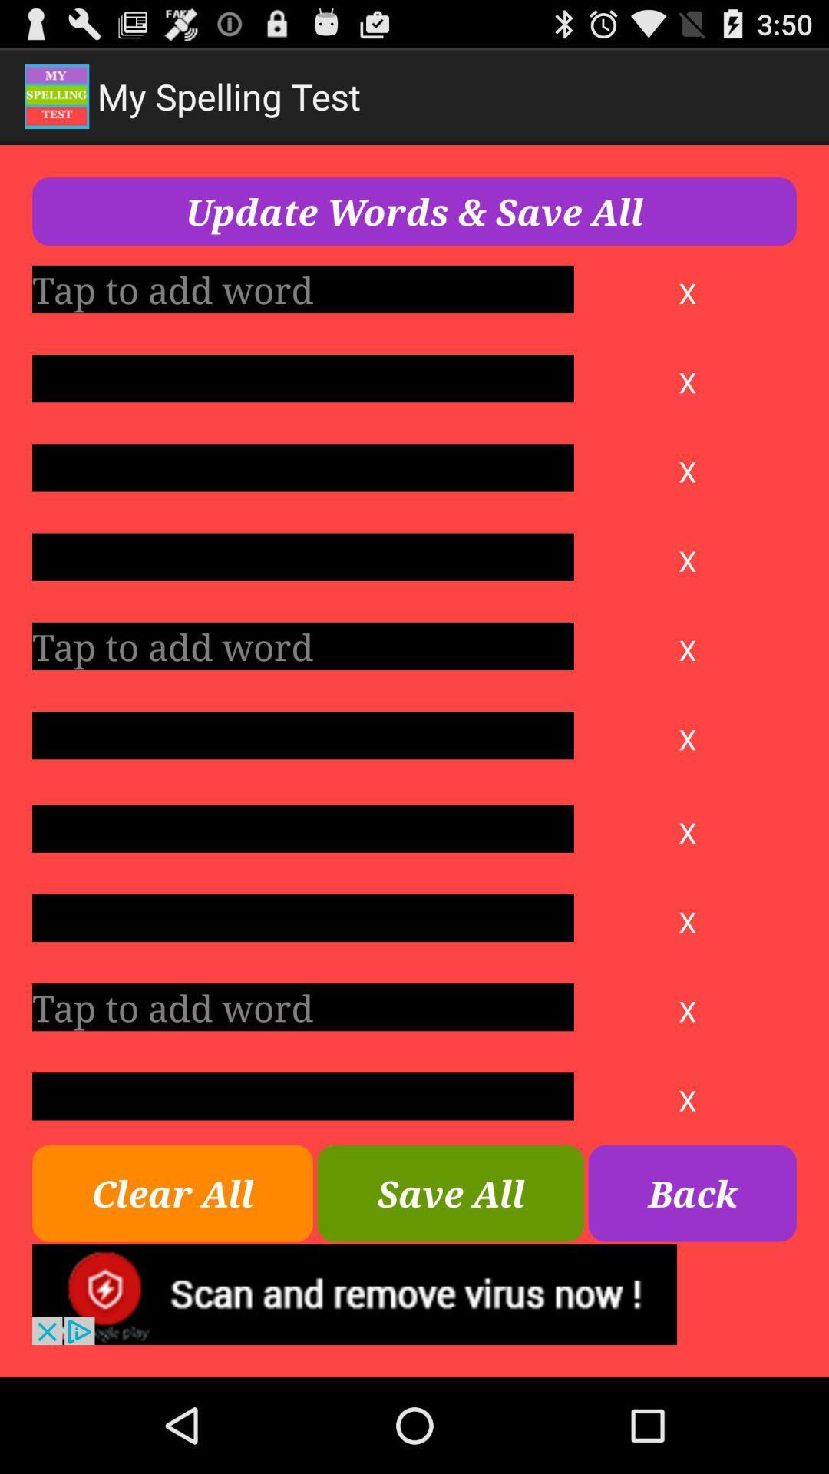 This screenshot has height=1474, width=829. What do you see at coordinates (302, 1007) in the screenshot?
I see `search box` at bounding box center [302, 1007].